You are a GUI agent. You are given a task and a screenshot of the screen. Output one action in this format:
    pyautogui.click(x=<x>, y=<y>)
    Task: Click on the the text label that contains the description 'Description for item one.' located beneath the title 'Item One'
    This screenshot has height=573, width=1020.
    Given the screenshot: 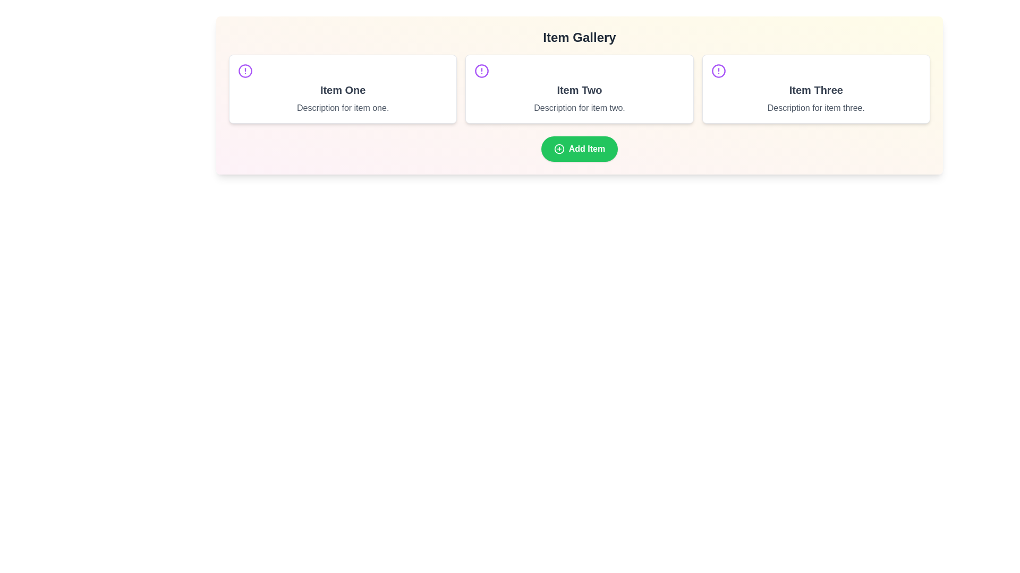 What is the action you would take?
    pyautogui.click(x=343, y=108)
    